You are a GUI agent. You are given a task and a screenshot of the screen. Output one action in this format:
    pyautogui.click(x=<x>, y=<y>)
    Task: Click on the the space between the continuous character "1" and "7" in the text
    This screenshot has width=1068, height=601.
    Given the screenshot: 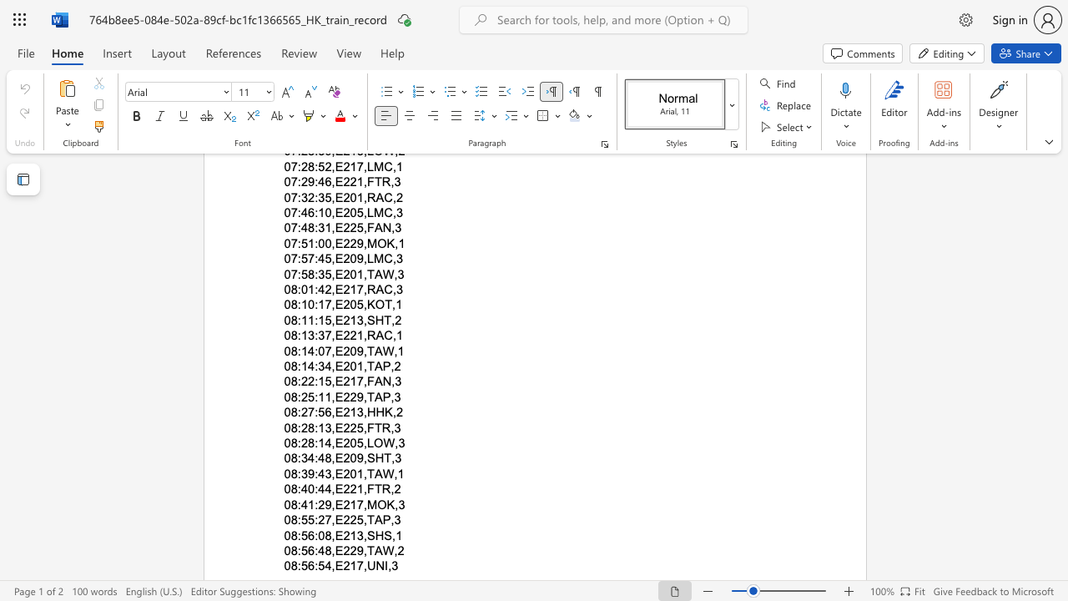 What is the action you would take?
    pyautogui.click(x=355, y=565)
    